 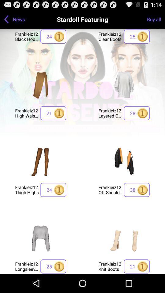 What do you see at coordinates (41, 238) in the screenshot?
I see `product image` at bounding box center [41, 238].